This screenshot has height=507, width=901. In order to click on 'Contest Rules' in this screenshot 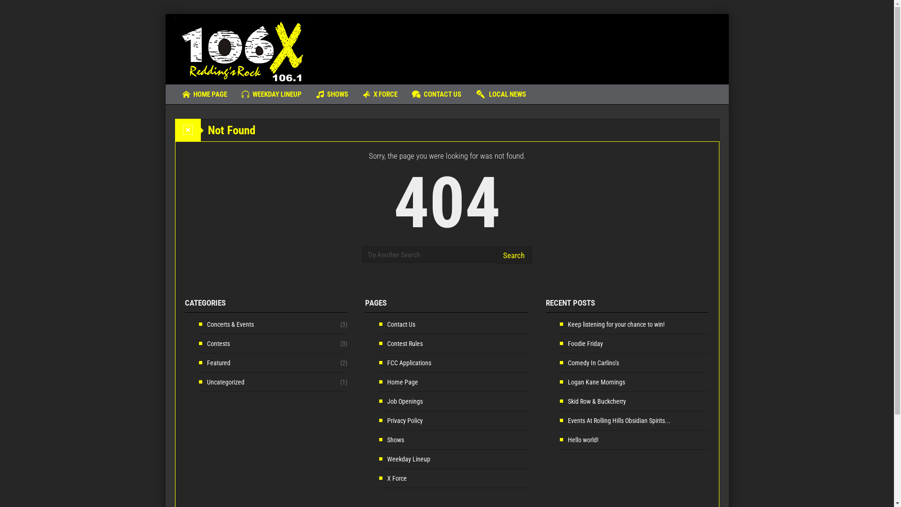, I will do `click(401, 344)`.